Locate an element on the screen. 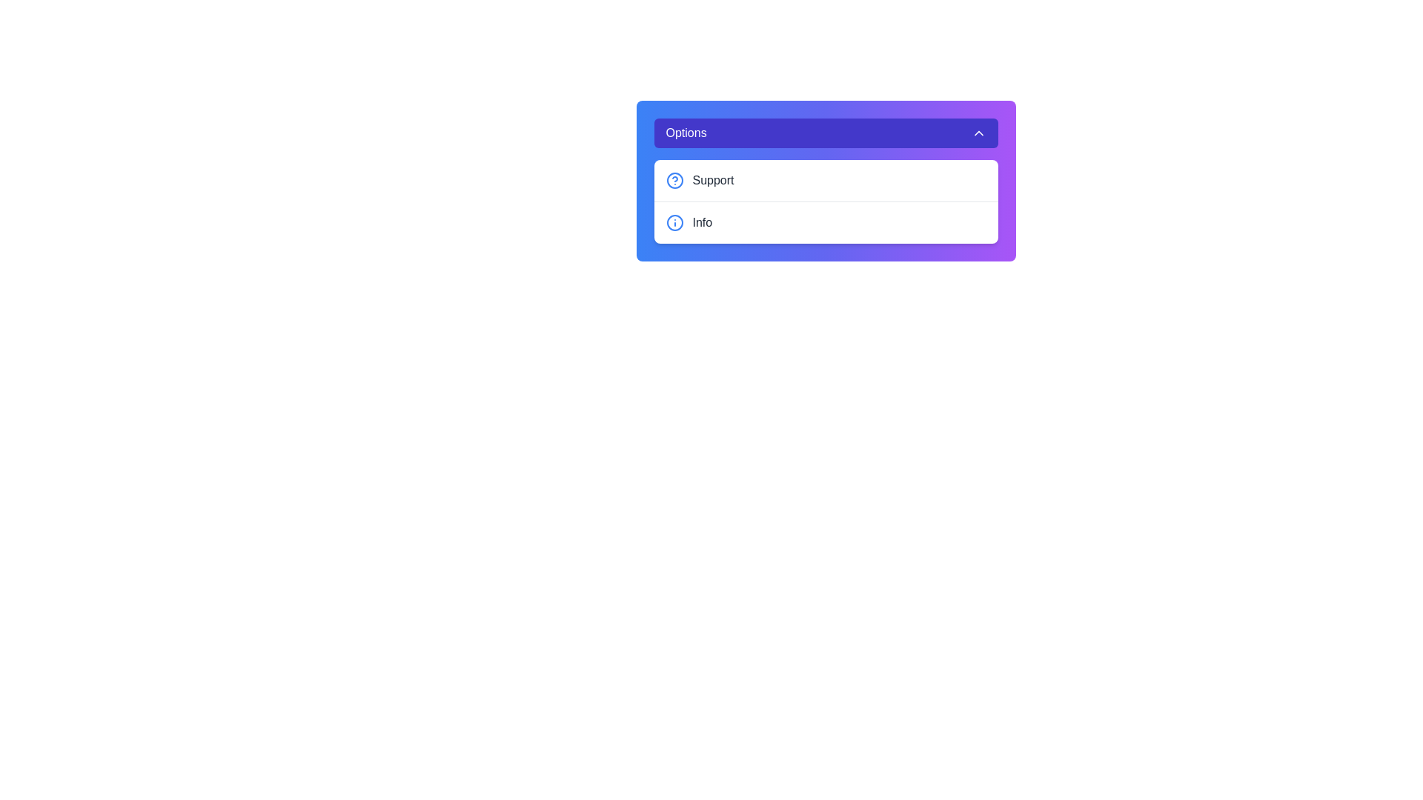 This screenshot has height=800, width=1423. the circular information icon with a blue border located to the left of the 'Info' label in the dropdown card under the 'Options' header is located at coordinates (674, 222).